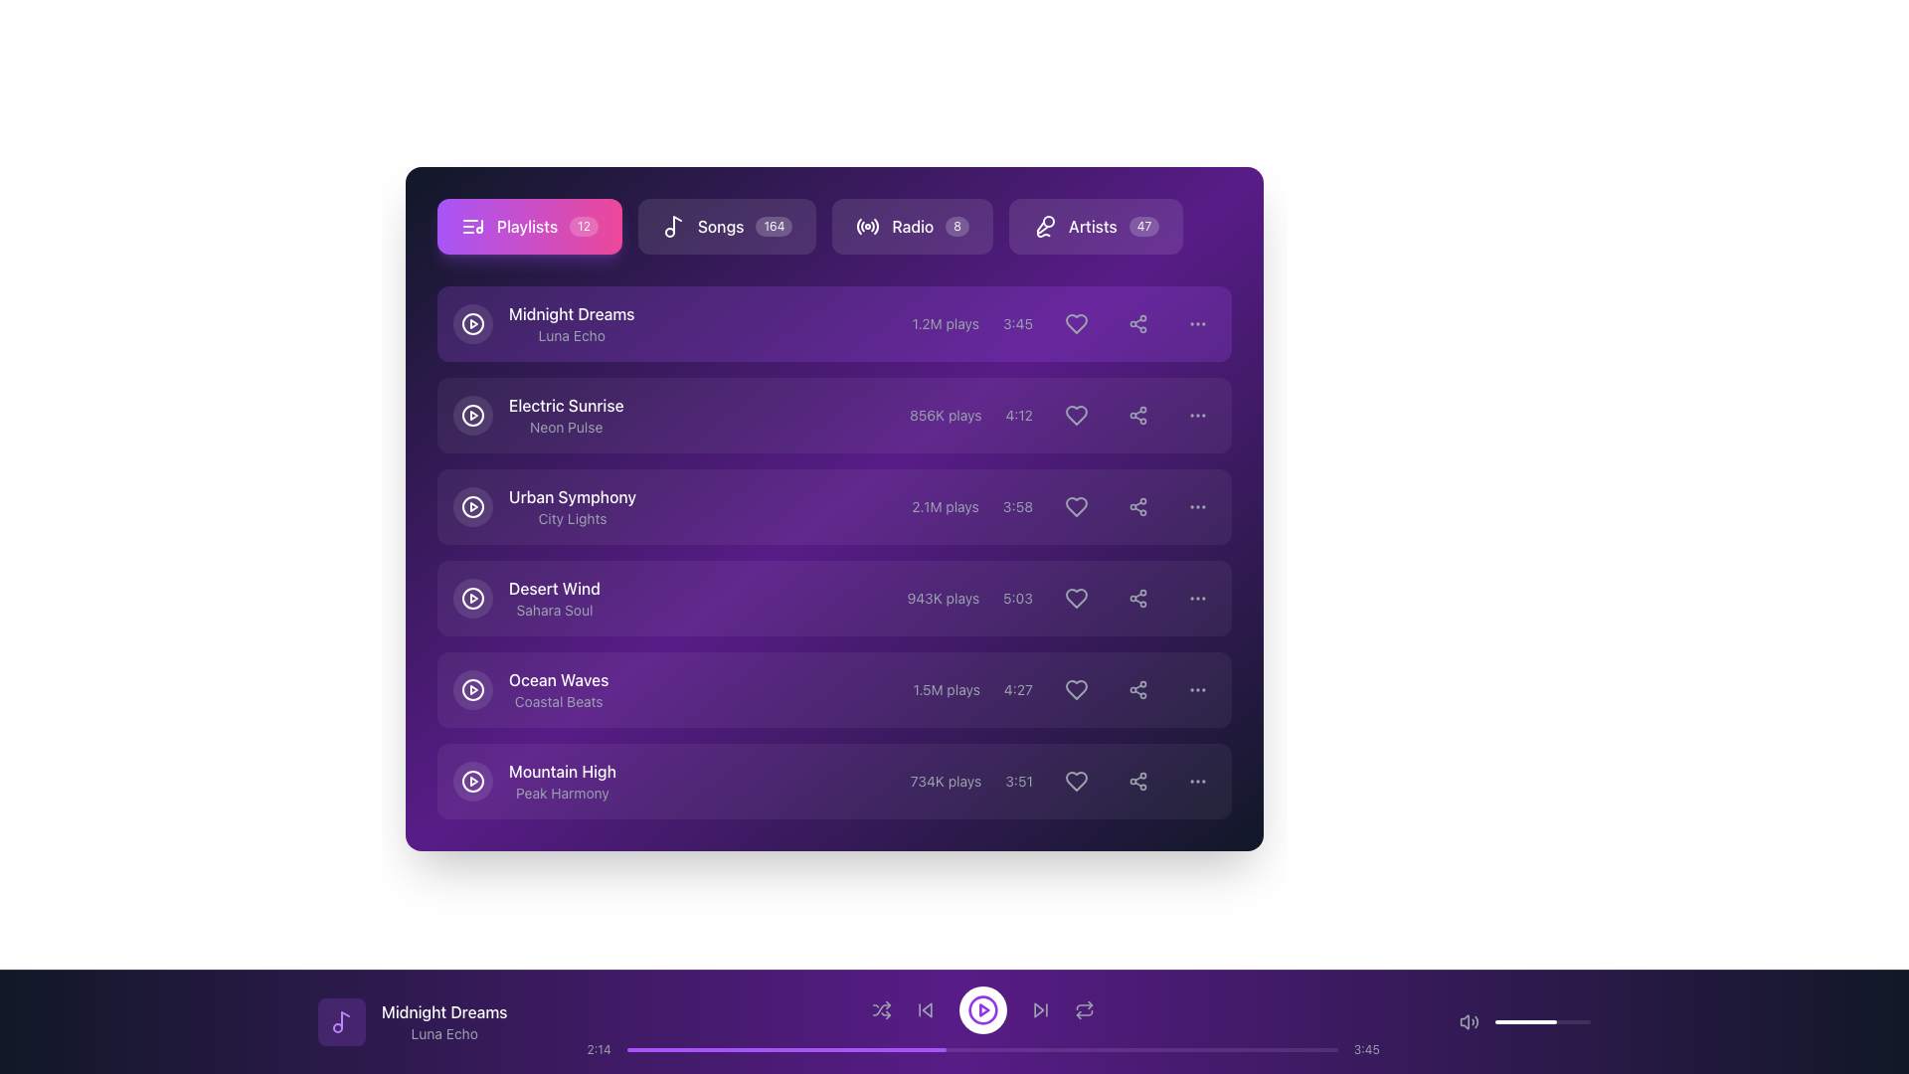  What do you see at coordinates (1076, 323) in the screenshot?
I see `the 'favorite' icon button for the song 'Midnight Dreams' located in the first row of the playlist table, positioned on the right side before the options menu` at bounding box center [1076, 323].